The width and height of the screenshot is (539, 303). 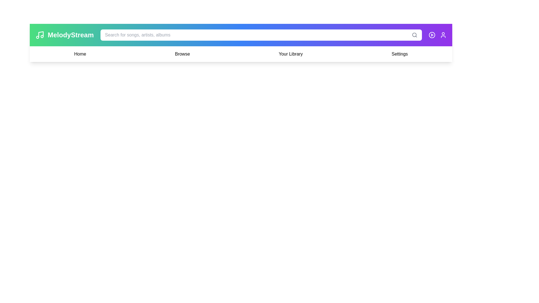 I want to click on the menu item Browse from the navigation bar, so click(x=182, y=54).